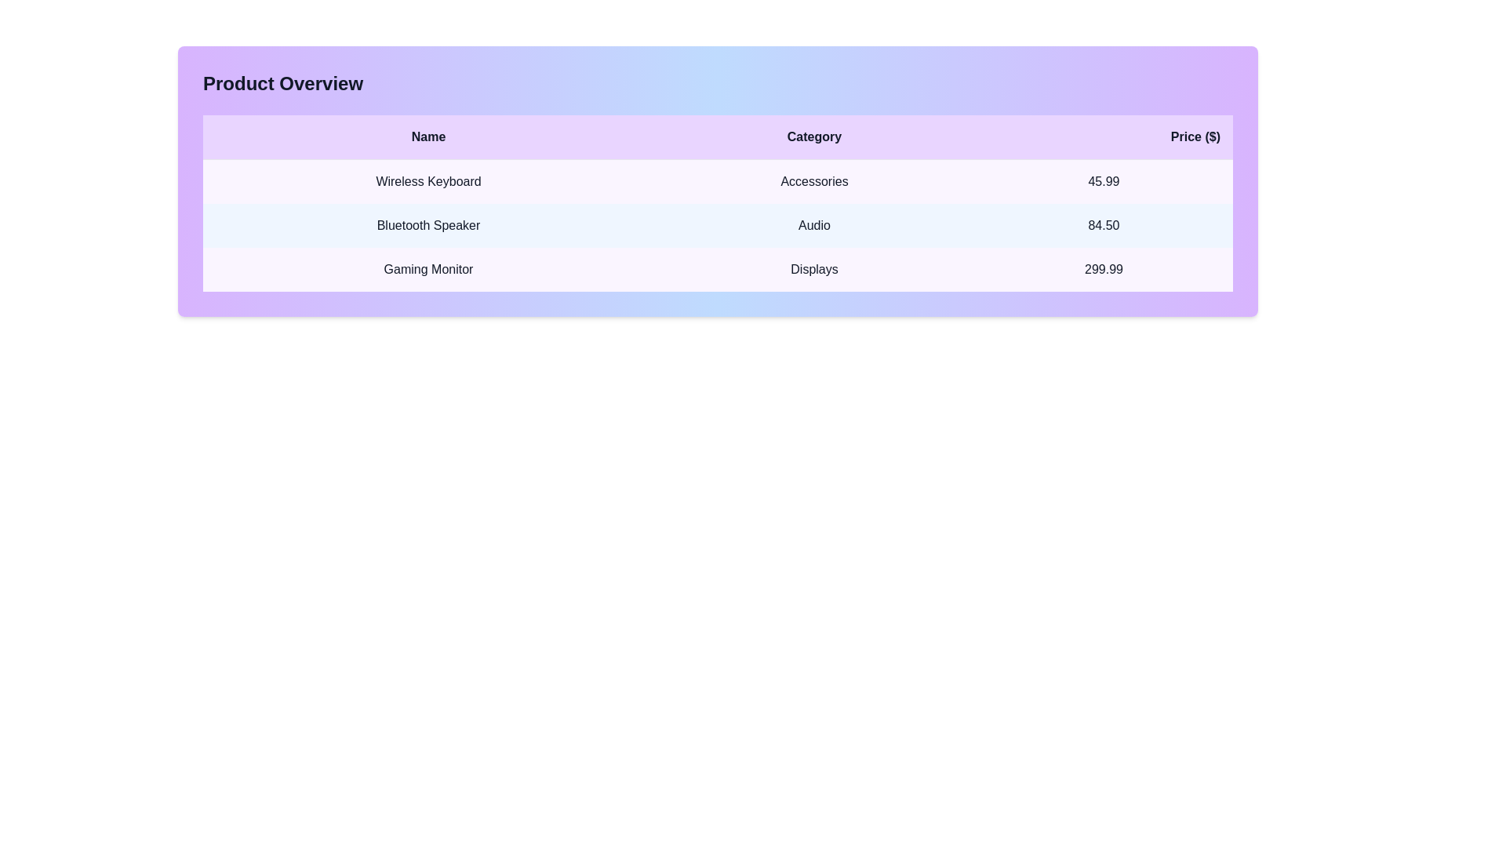 This screenshot has height=847, width=1506. I want to click on price value from the table cell located in the last column of the first data row under the 'Price ($)' header, positioned to the right of the 'Accessories' text, so click(1103, 180).